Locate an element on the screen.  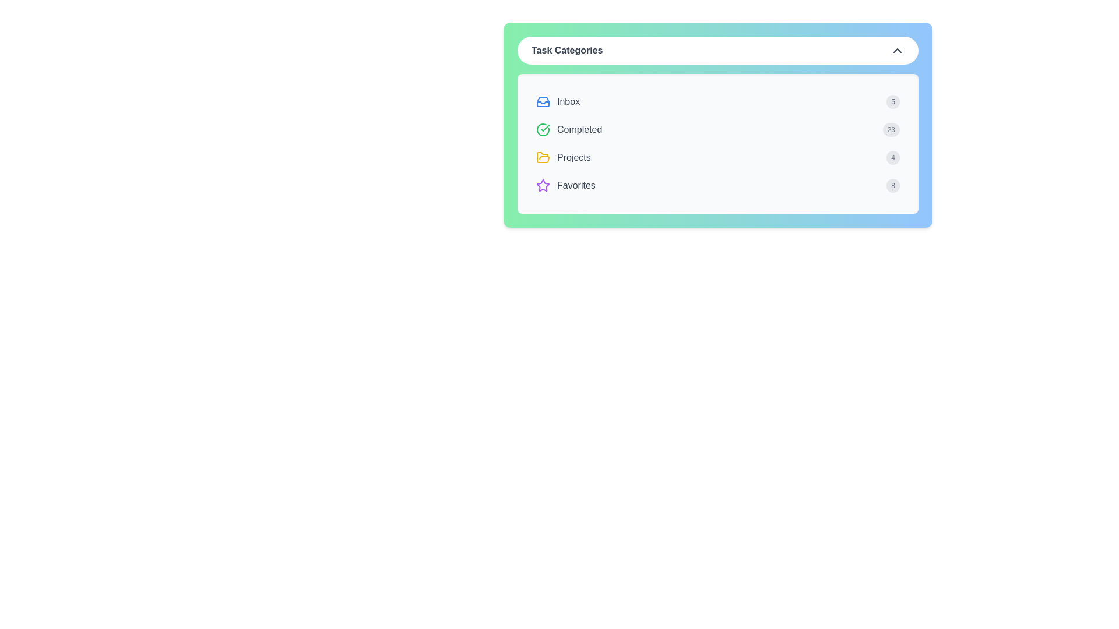
the small circular badge with a light gray background and the number '8' in gray font, located on the far right side of the 'Favorites' list item is located at coordinates (892, 185).